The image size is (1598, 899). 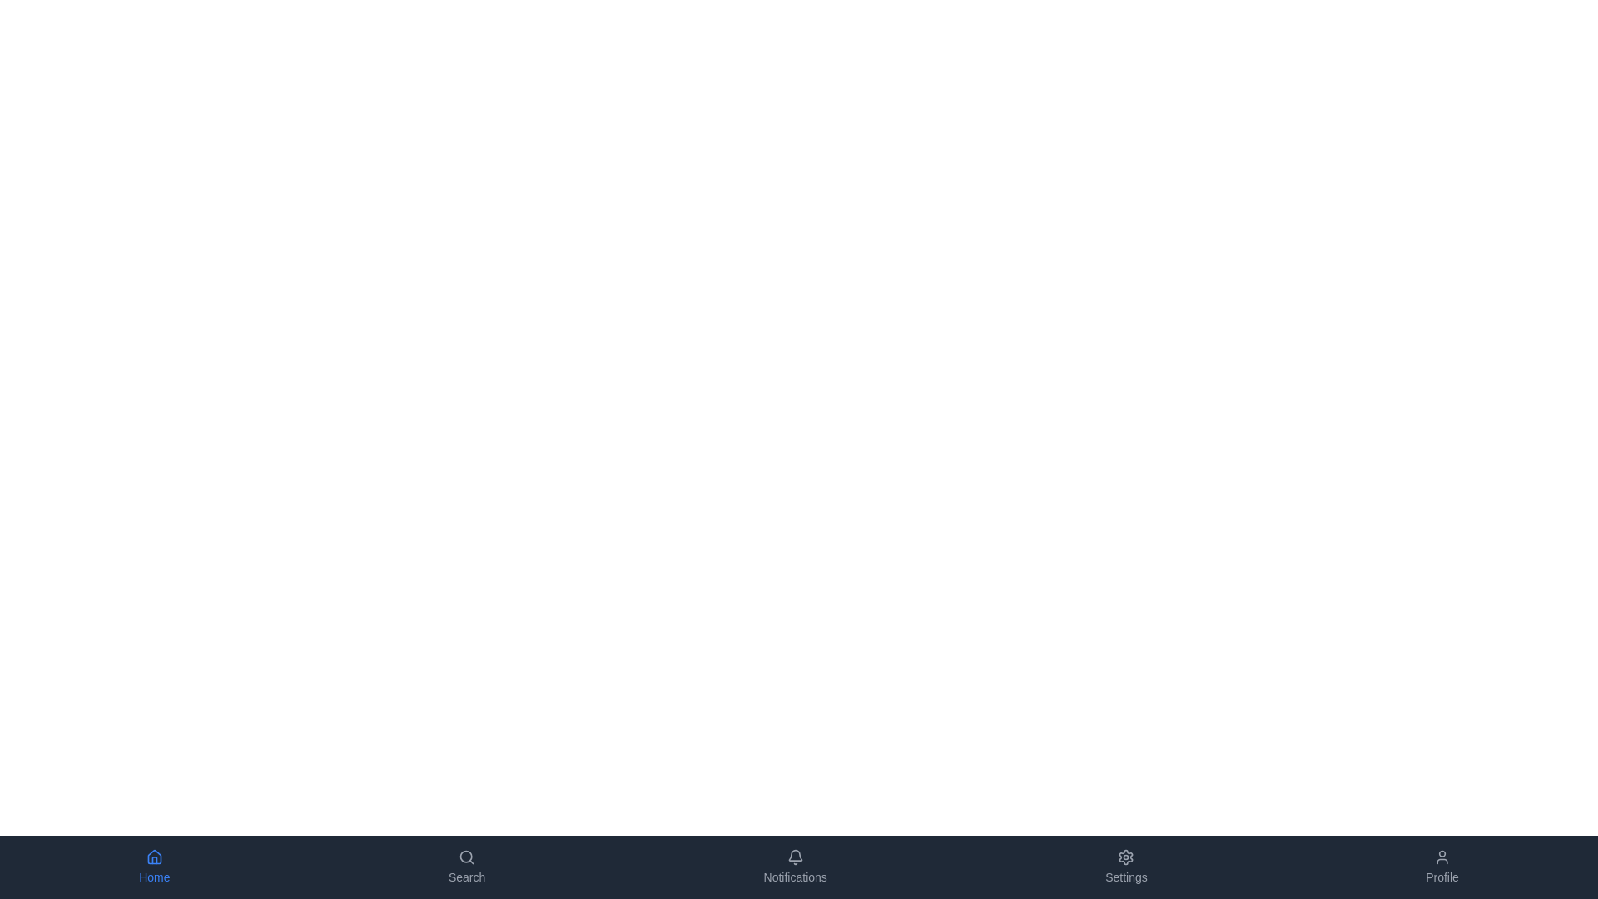 I want to click on the bell icon located in the lower navigation bar, so click(x=794, y=857).